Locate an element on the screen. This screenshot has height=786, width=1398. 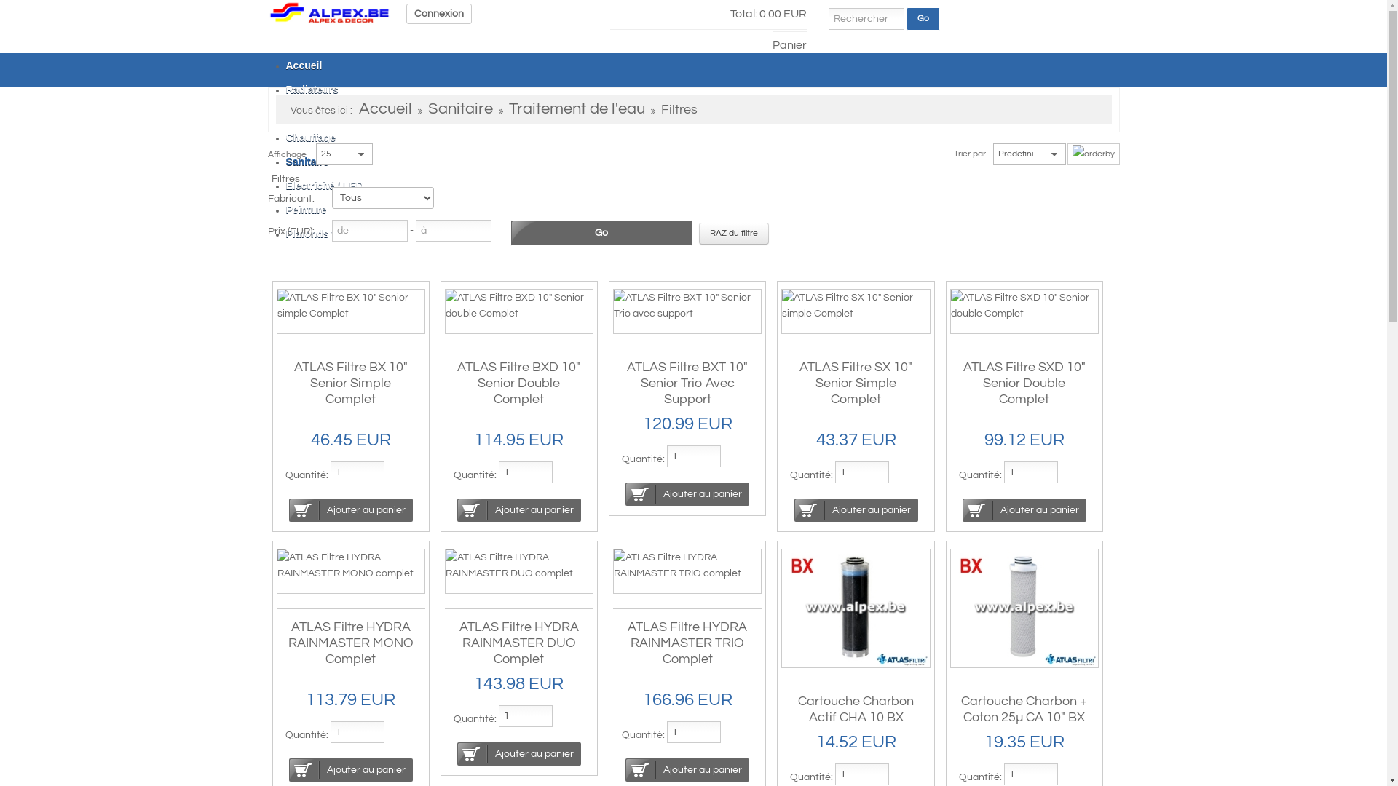
'ATLAS Filtre BX 10" Senior simple Complet' is located at coordinates (349, 305).